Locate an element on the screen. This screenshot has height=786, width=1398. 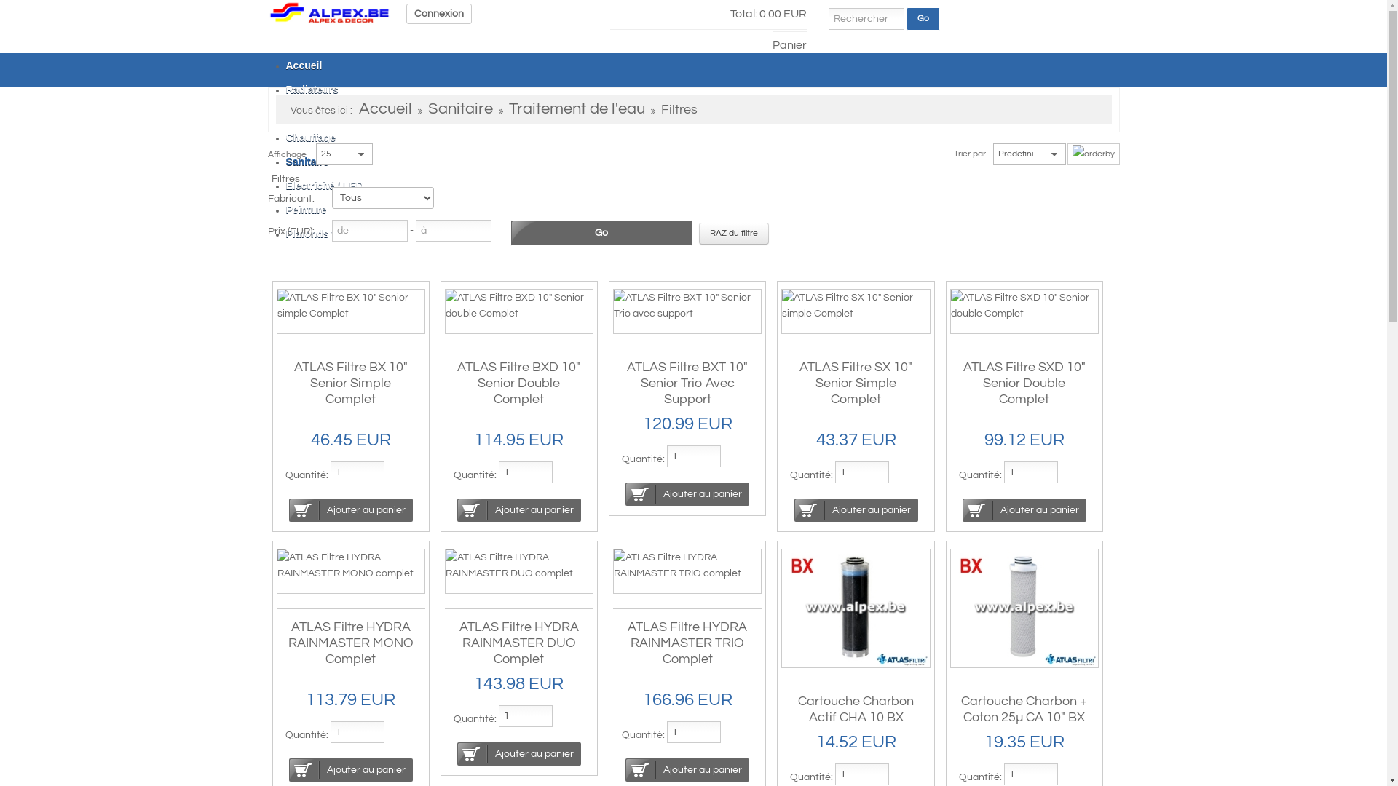
'ATLAS Filtre BX 10" Senior simple Complet' is located at coordinates (349, 305).